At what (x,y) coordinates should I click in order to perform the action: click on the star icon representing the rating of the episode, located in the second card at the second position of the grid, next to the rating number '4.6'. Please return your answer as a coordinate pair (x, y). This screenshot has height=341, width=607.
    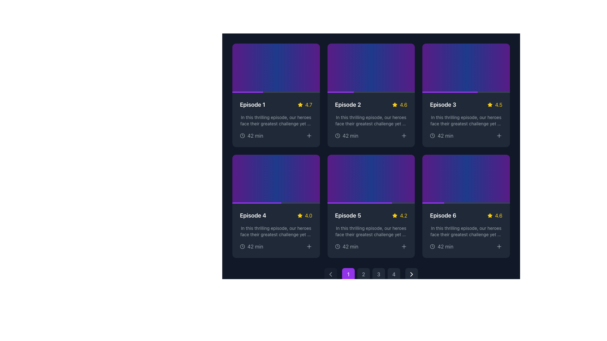
    Looking at the image, I should click on (395, 104).